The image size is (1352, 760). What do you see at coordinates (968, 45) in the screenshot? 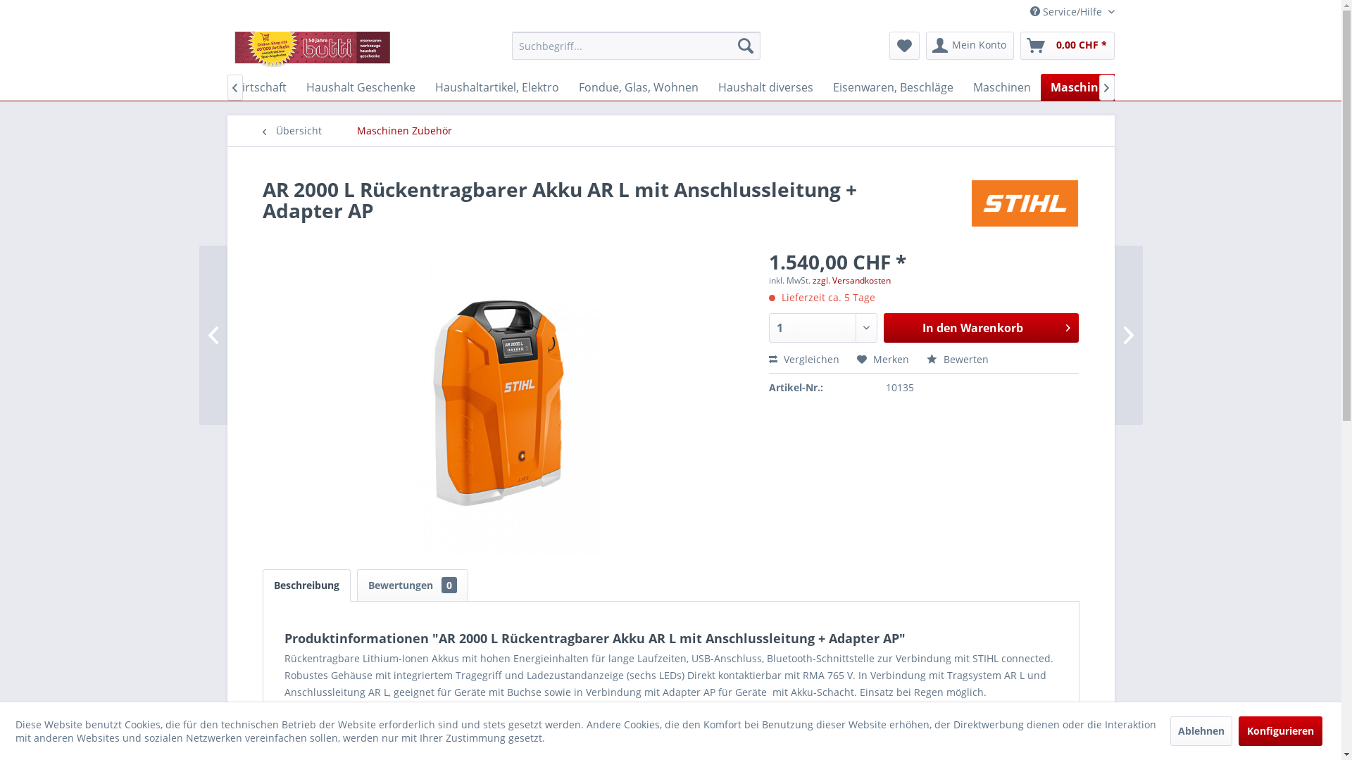
I see `'Mein Konto'` at bounding box center [968, 45].